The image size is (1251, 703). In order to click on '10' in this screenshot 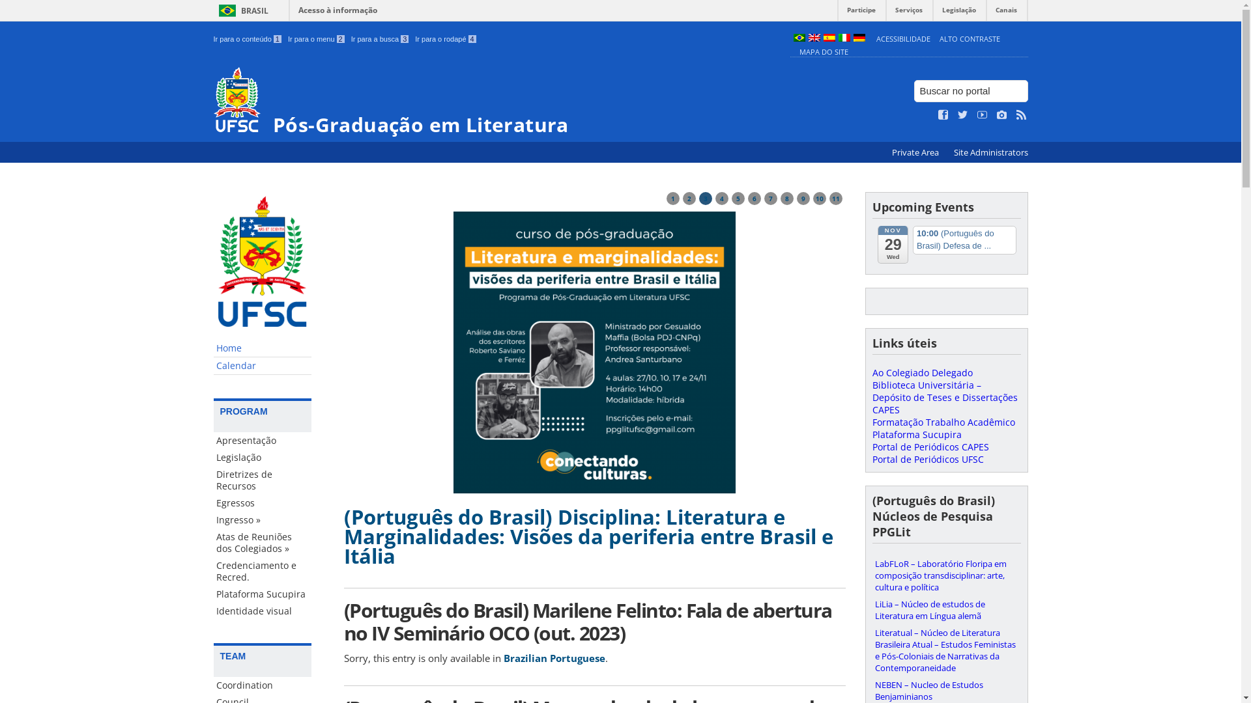, I will do `click(818, 198)`.